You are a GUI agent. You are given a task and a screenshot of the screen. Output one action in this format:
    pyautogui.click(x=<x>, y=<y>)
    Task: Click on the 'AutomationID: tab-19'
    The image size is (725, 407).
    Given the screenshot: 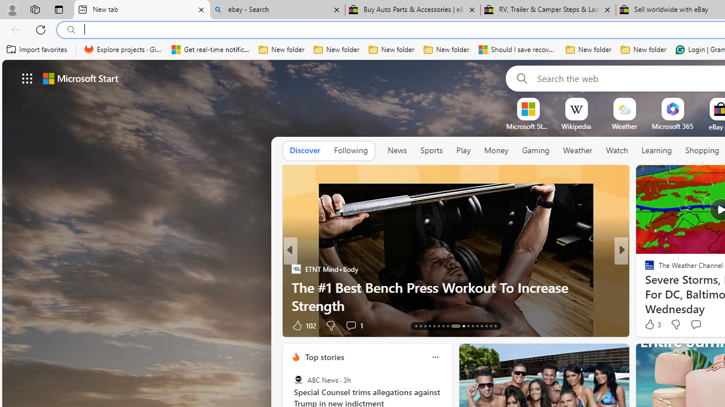 What is the action you would take?
    pyautogui.click(x=442, y=326)
    